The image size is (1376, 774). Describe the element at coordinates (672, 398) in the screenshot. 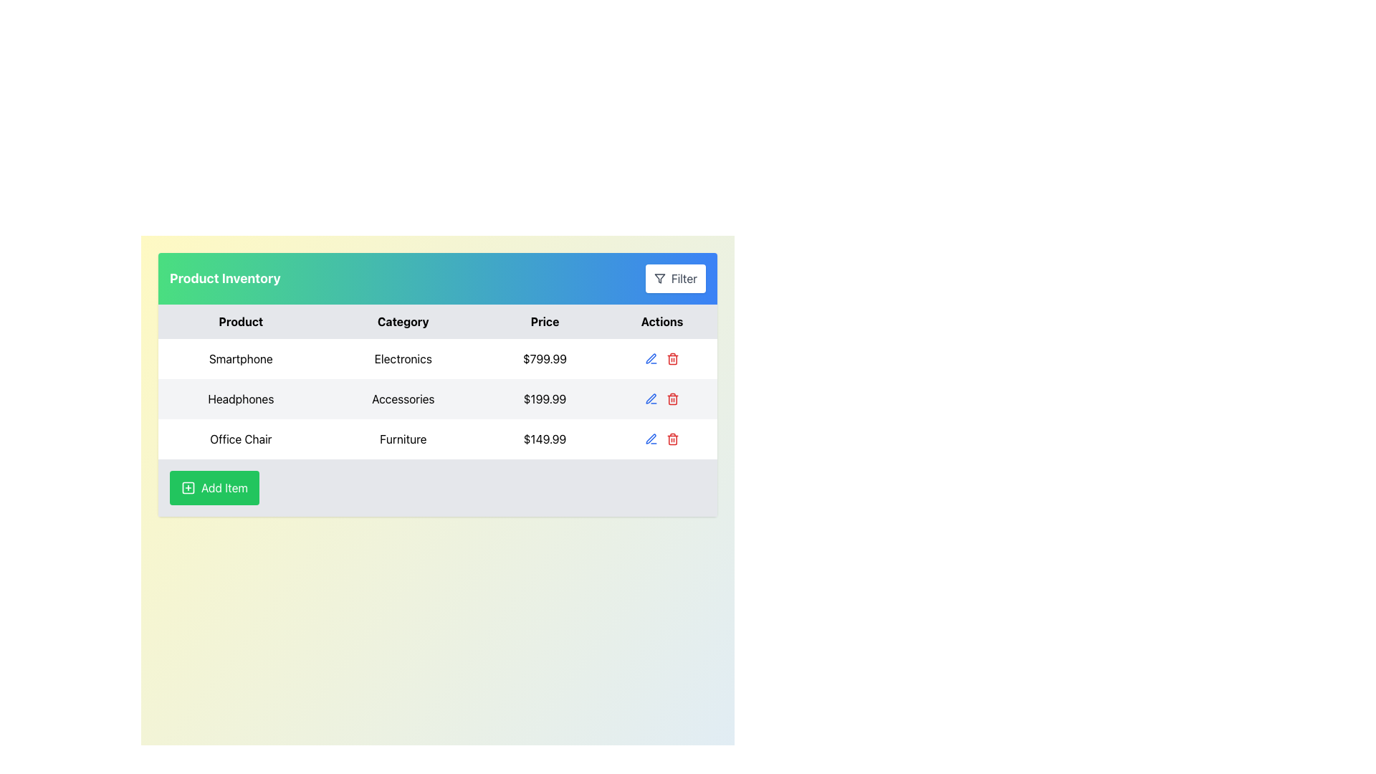

I see `the delete icon button located in the 'Actions' column of the second row in the 'Product Inventory' table` at that location.